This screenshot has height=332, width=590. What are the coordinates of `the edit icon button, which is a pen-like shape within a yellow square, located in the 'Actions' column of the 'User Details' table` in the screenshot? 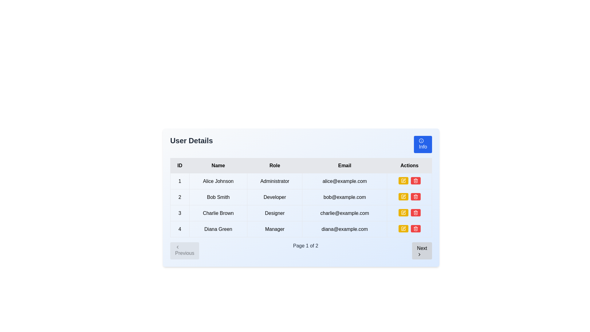 It's located at (403, 180).